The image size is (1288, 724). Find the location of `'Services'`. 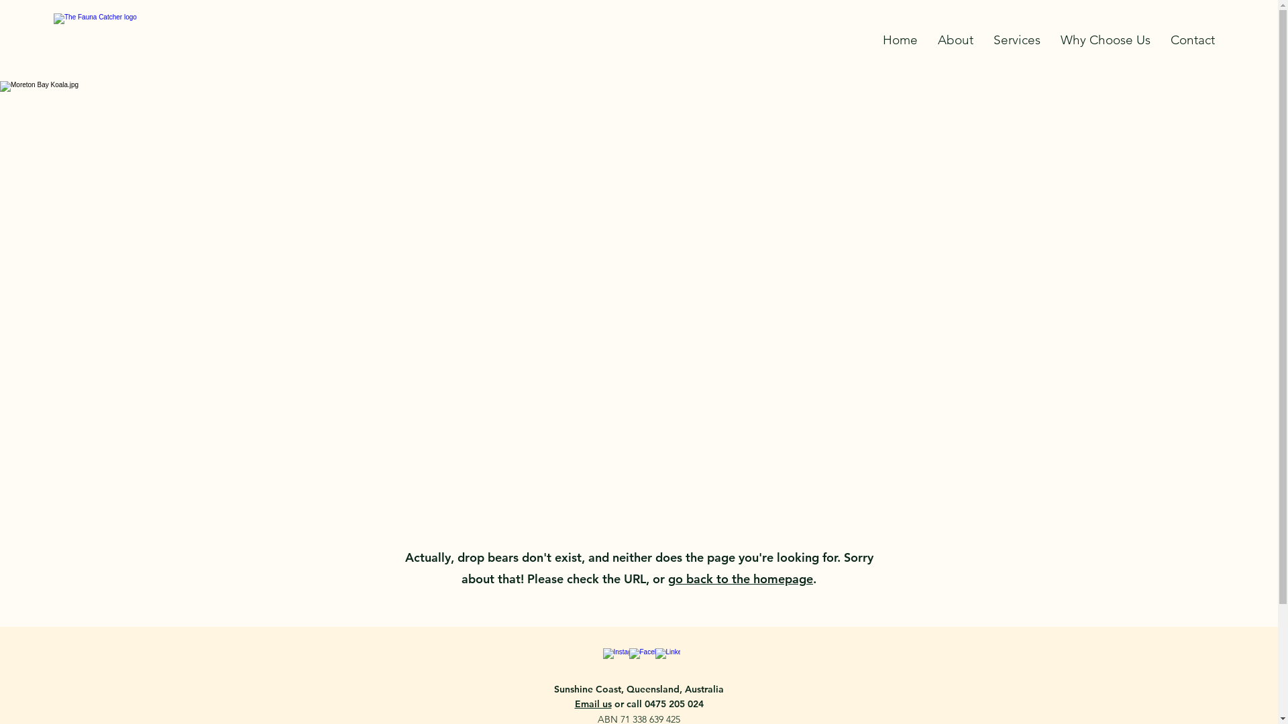

'Services' is located at coordinates (983, 40).